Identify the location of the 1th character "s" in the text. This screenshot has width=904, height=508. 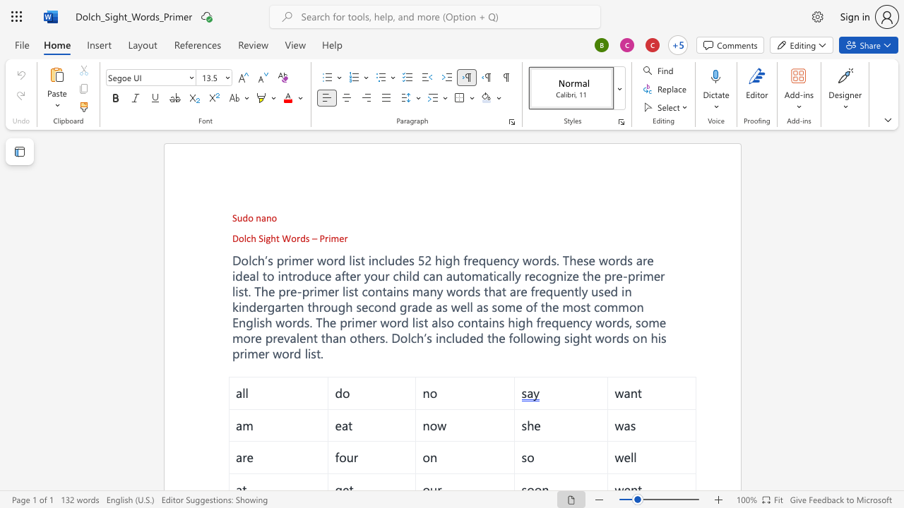
(601, 290).